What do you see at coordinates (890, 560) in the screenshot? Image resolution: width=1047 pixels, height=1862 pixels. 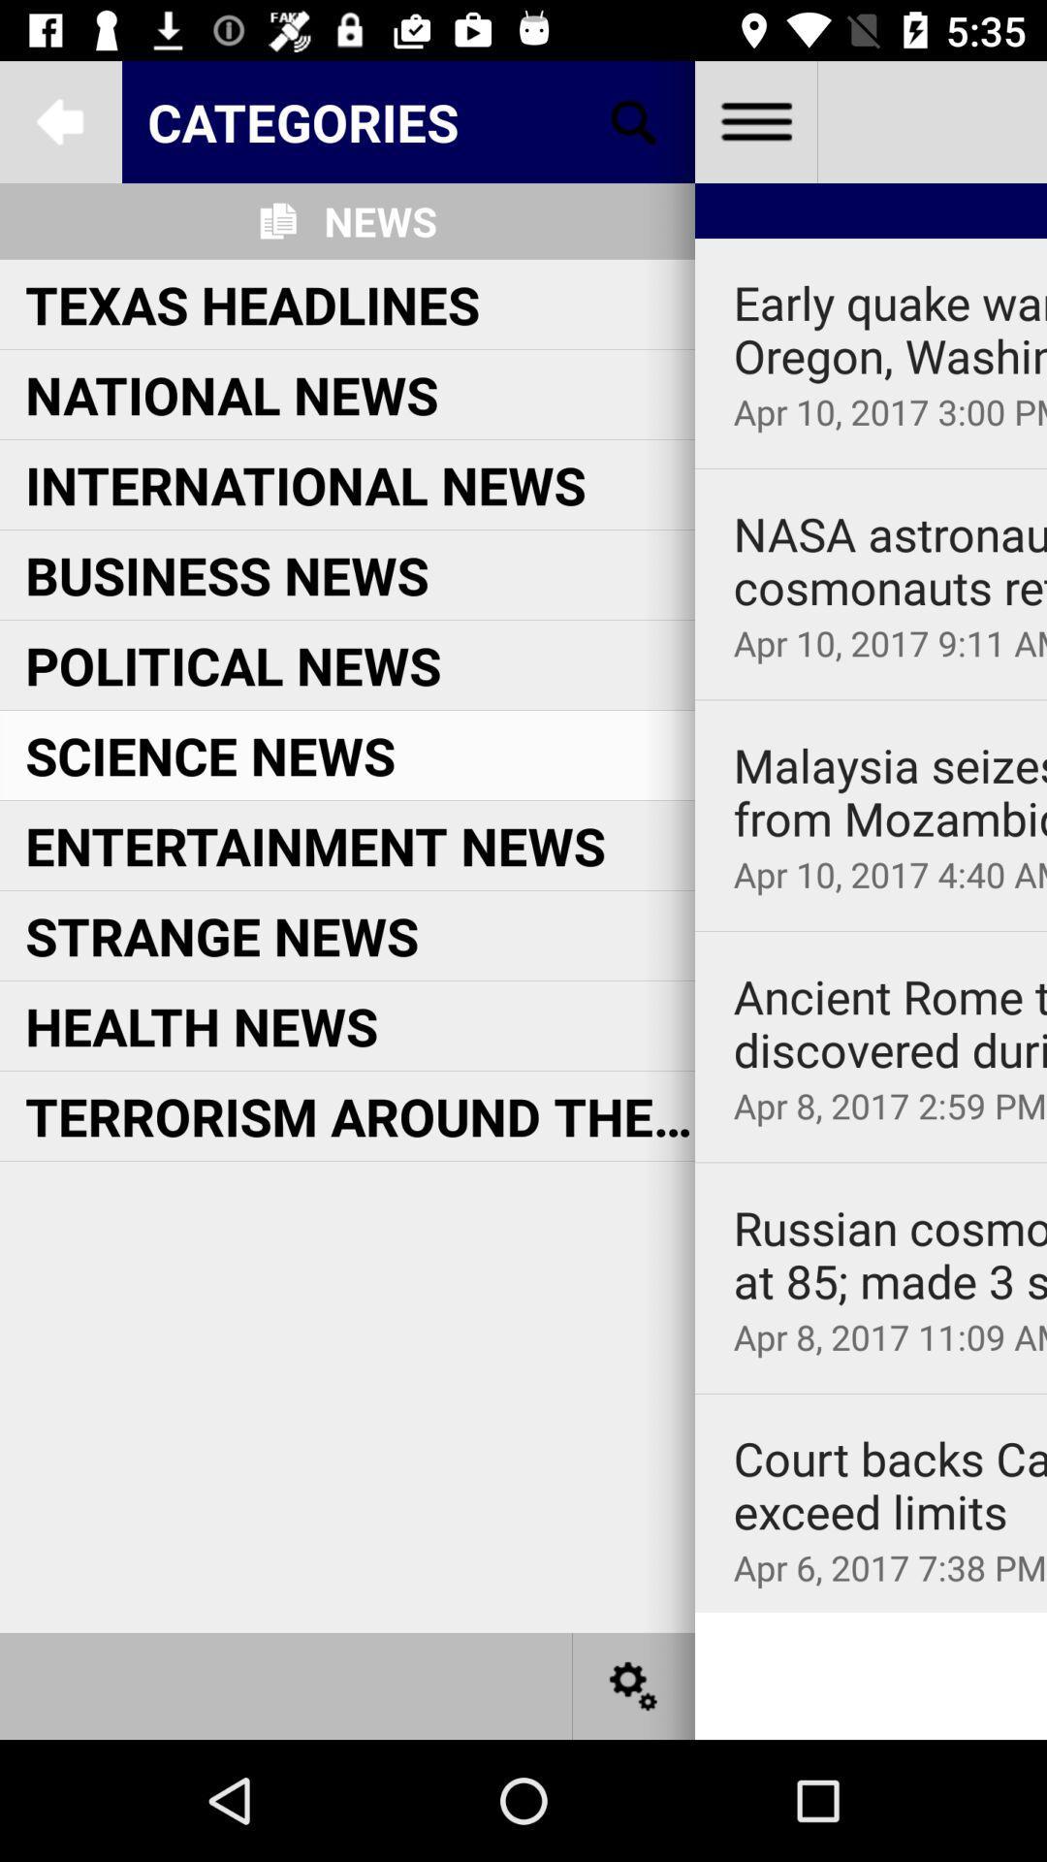 I see `item to the right of international news` at bounding box center [890, 560].